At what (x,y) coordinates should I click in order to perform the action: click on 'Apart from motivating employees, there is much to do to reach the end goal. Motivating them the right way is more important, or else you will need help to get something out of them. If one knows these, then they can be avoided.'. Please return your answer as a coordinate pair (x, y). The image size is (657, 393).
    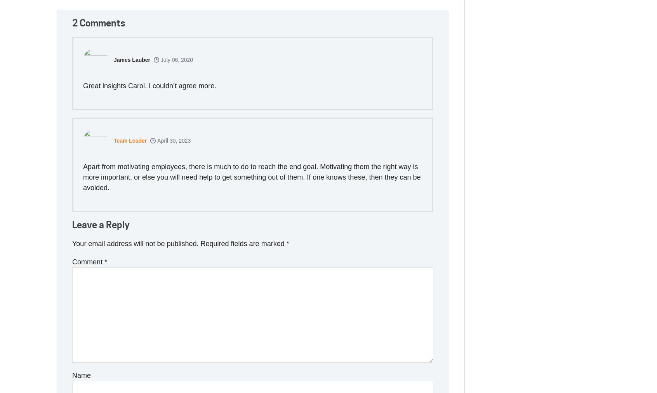
    Looking at the image, I should click on (252, 176).